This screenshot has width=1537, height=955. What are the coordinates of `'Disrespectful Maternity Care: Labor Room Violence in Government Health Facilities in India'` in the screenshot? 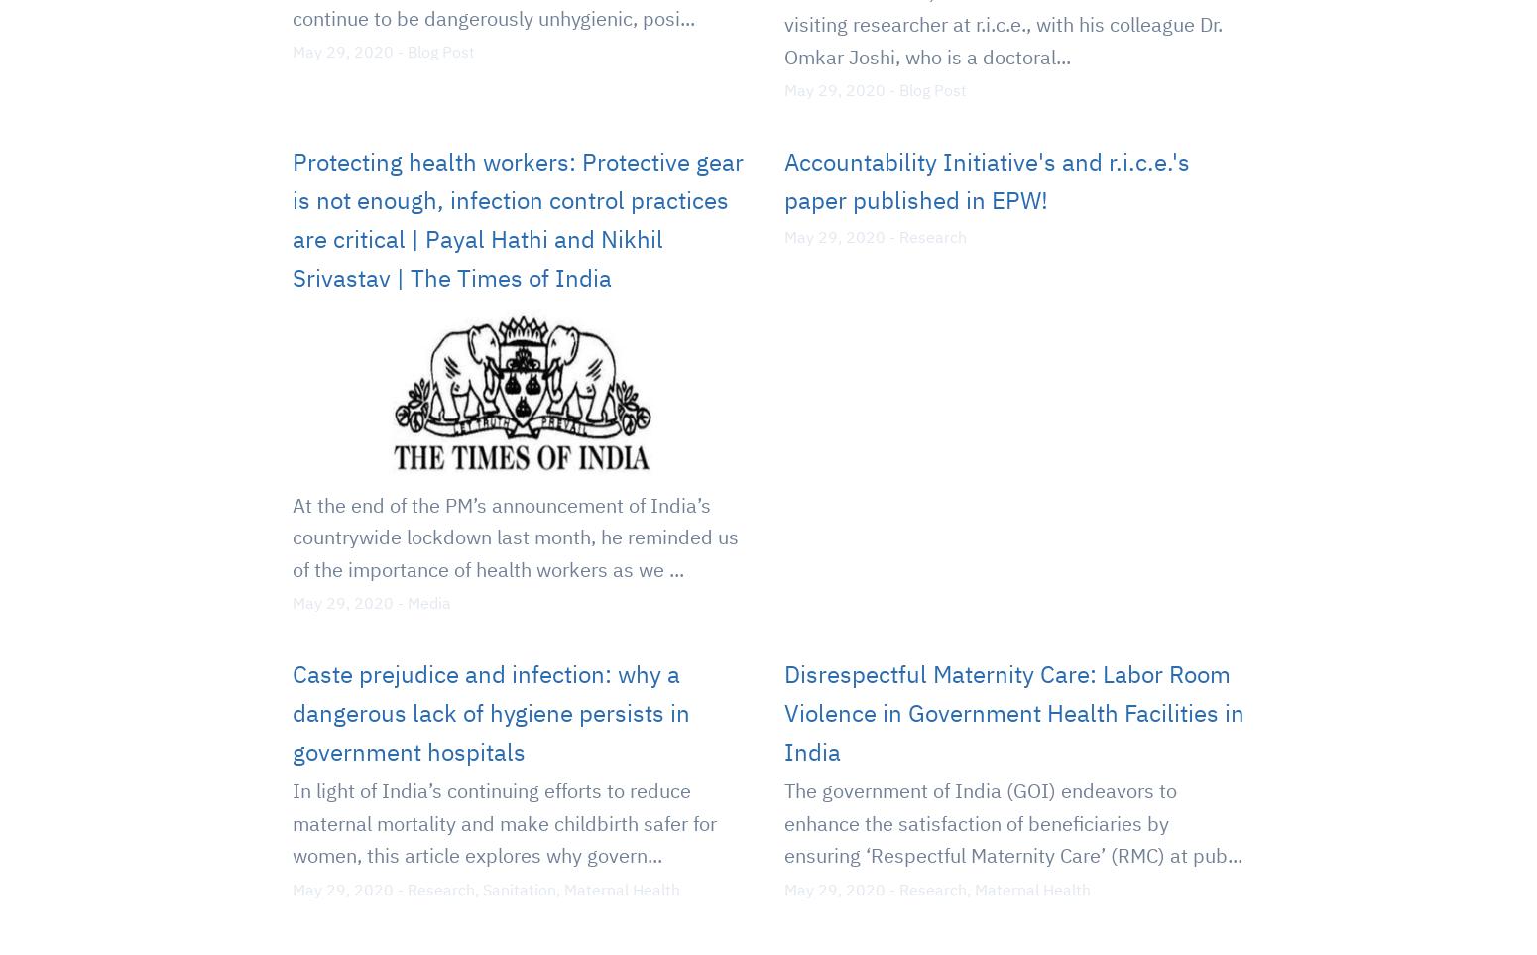 It's located at (1014, 711).